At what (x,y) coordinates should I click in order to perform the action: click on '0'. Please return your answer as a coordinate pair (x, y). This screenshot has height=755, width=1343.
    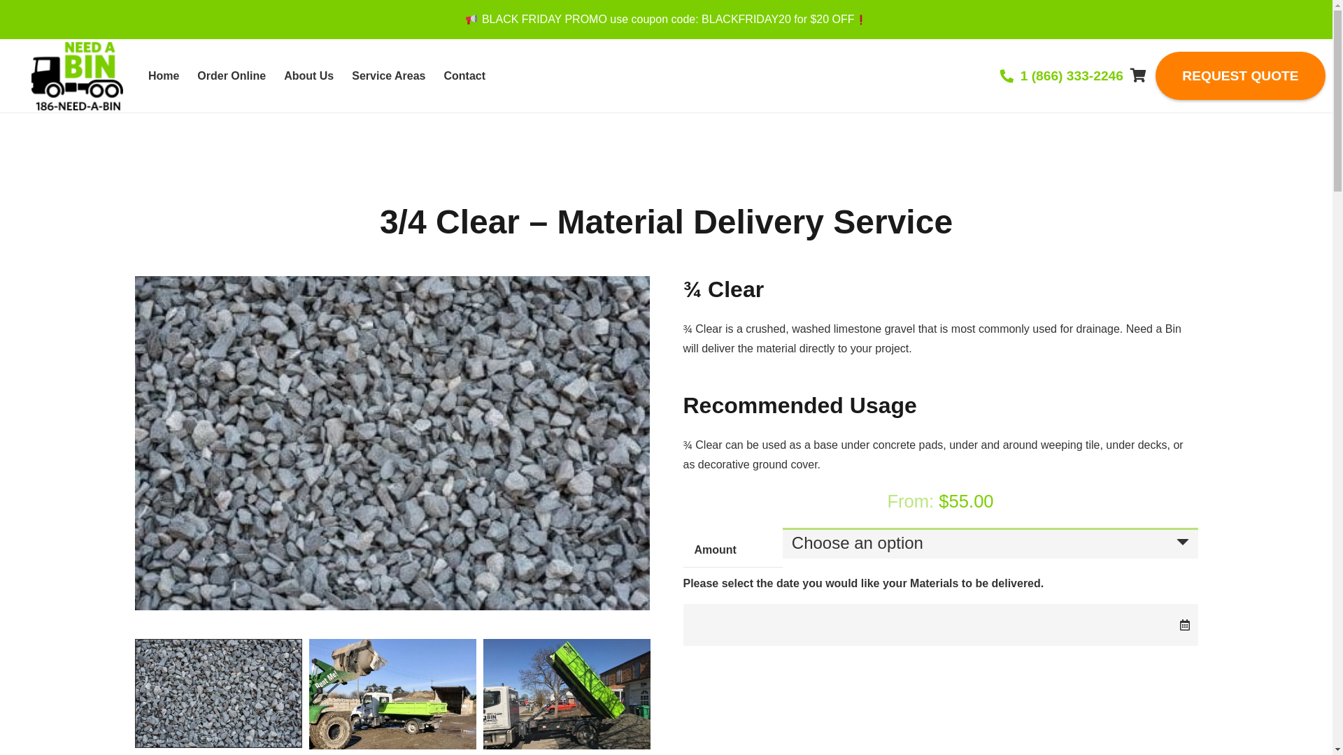
    Looking at the image, I should click on (1138, 75).